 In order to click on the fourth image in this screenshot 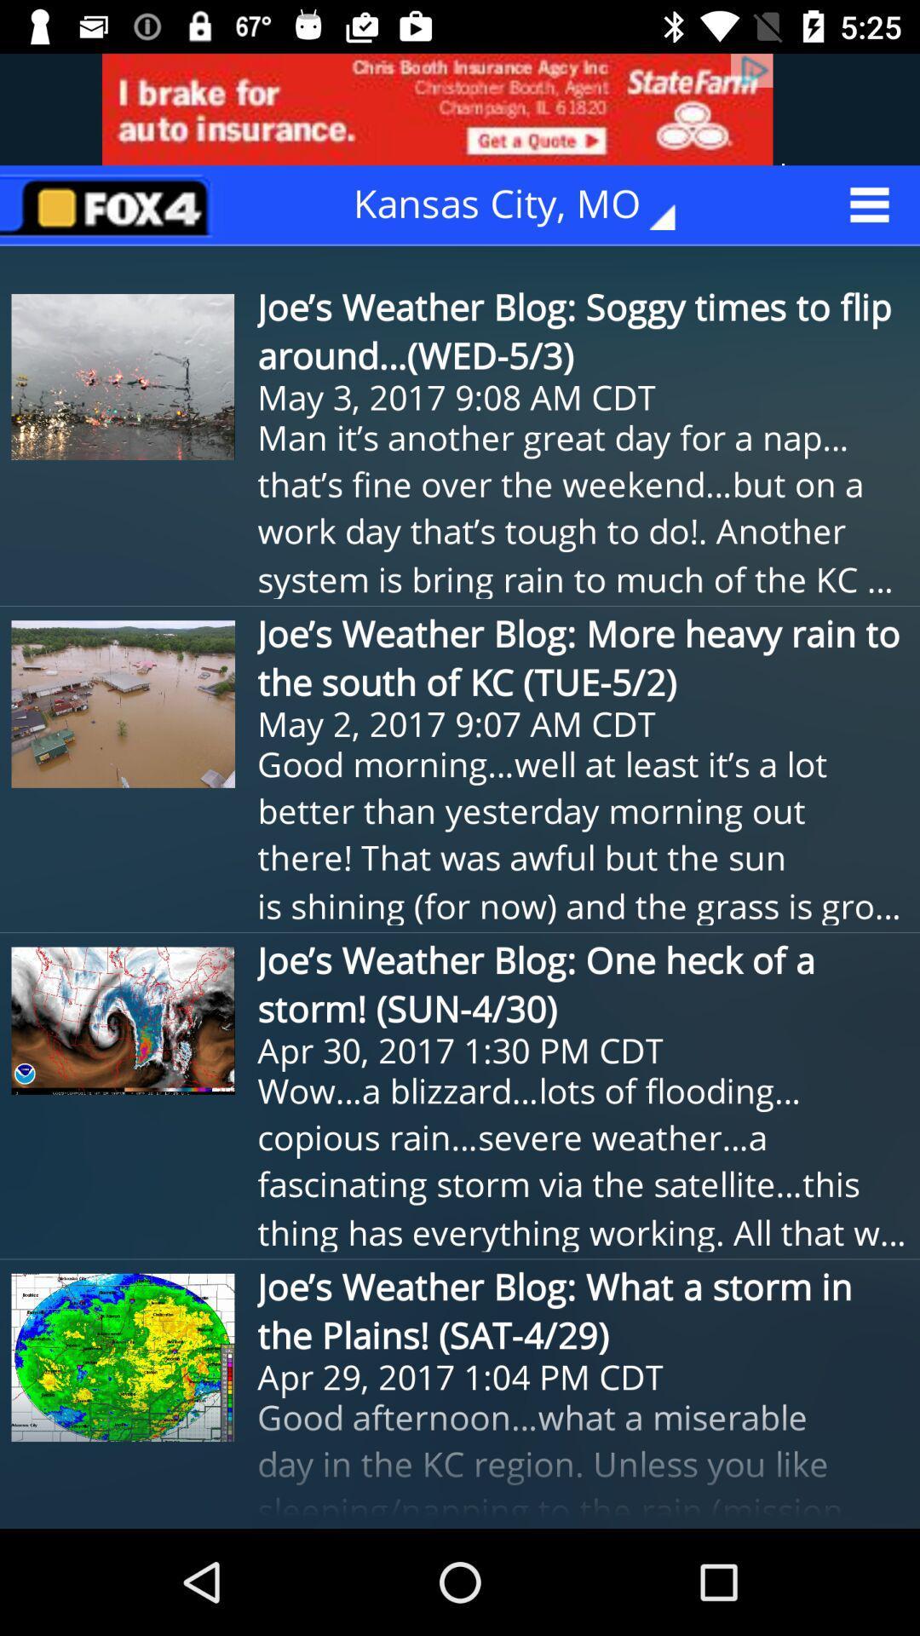, I will do `click(123, 1357)`.